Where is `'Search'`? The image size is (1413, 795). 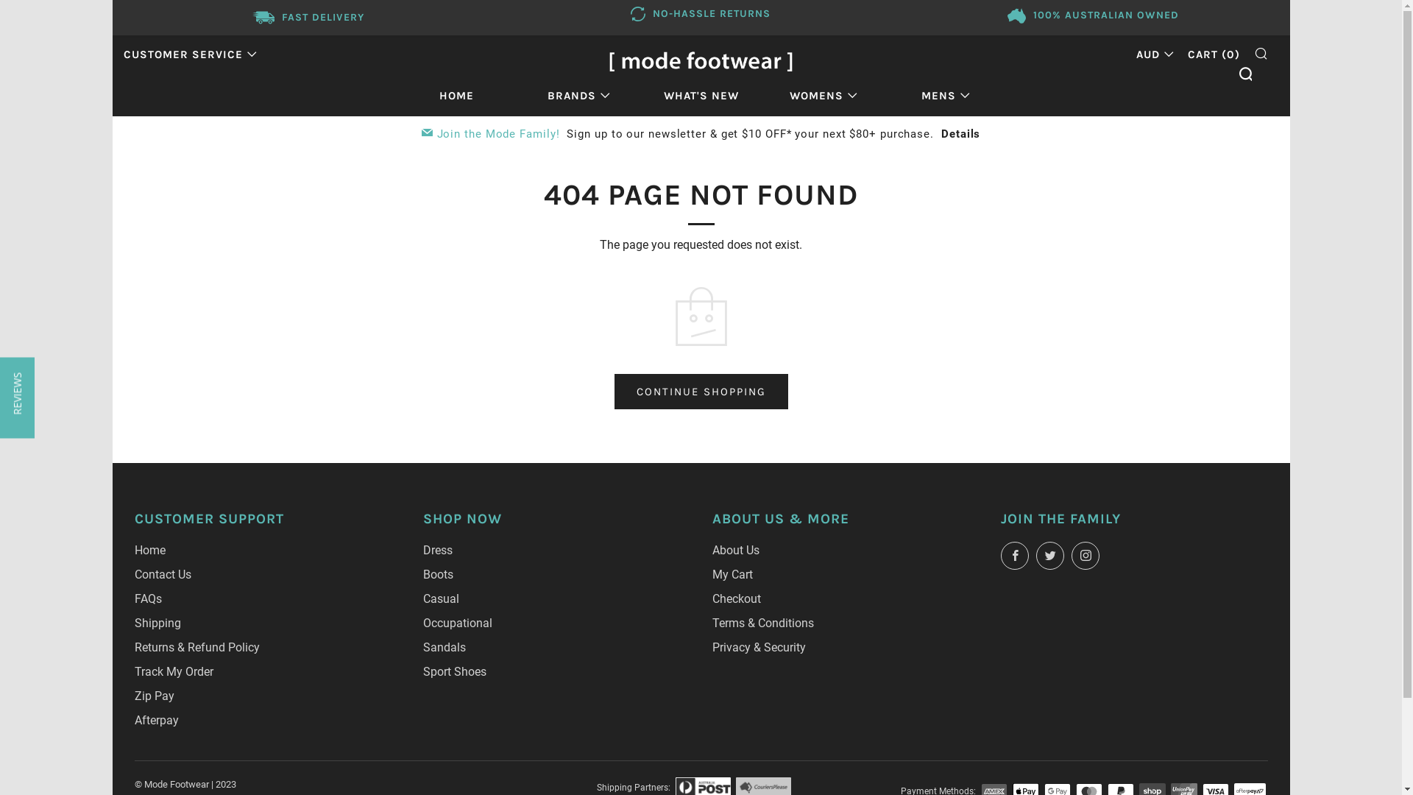
'Search' is located at coordinates (1244, 74).